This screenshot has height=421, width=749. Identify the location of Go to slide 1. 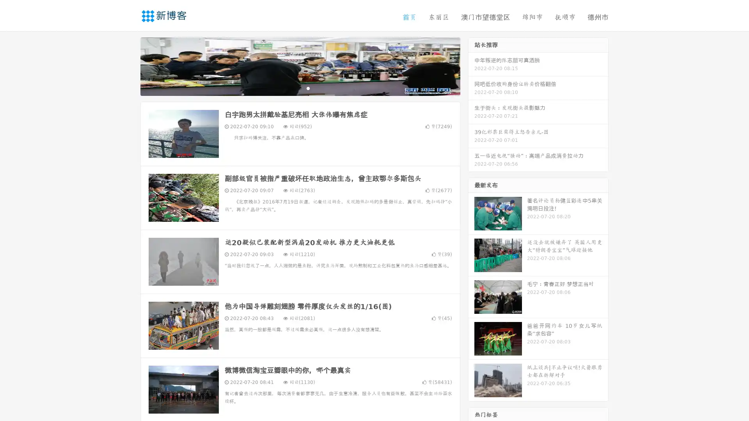
(292, 88).